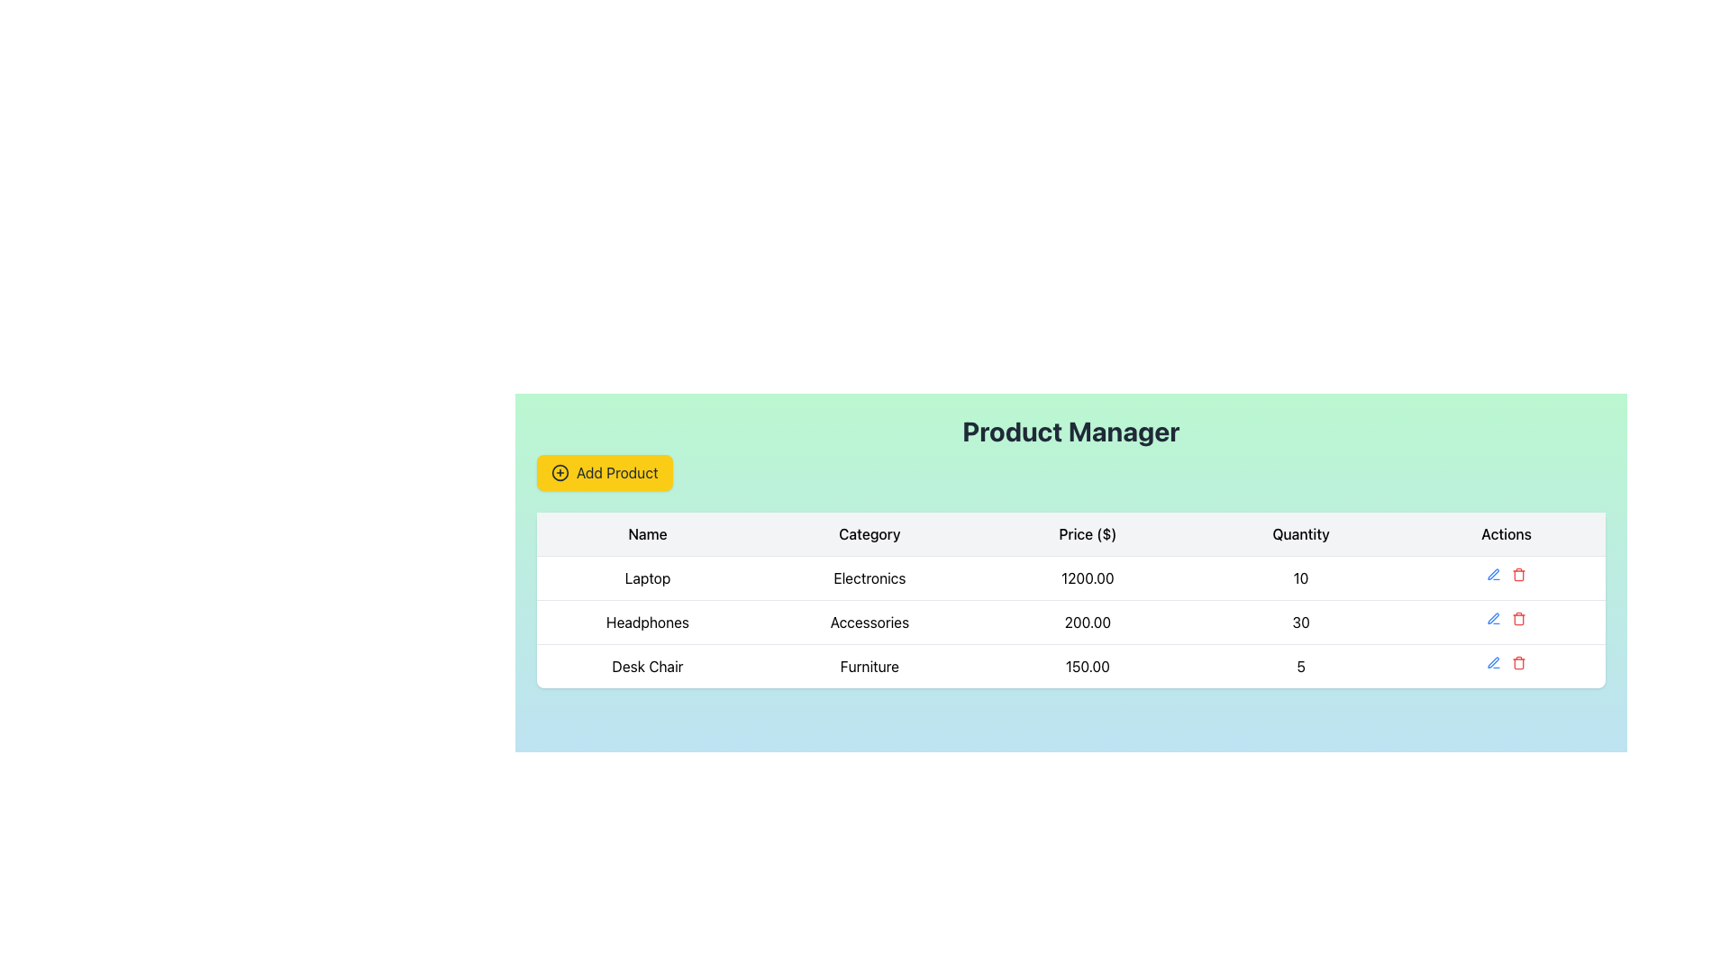 The image size is (1730, 973). I want to click on the hollow circle component of the 'Add Product' icon, which is part of a larger circular icon with a plus symbol located above the product table, so click(560, 471).